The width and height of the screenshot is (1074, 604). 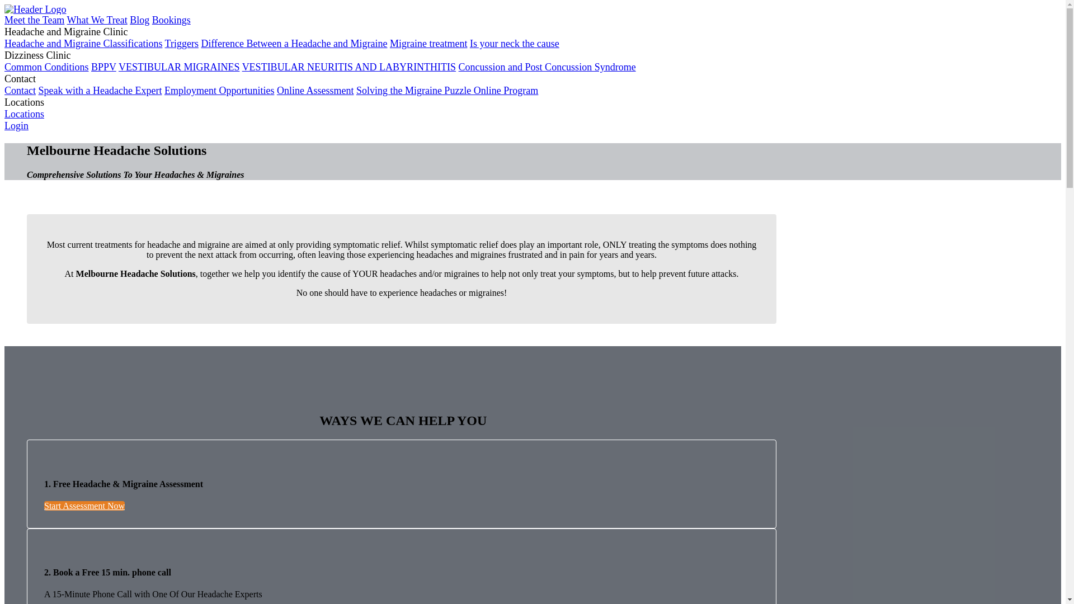 What do you see at coordinates (97, 20) in the screenshot?
I see `'What We Treat'` at bounding box center [97, 20].